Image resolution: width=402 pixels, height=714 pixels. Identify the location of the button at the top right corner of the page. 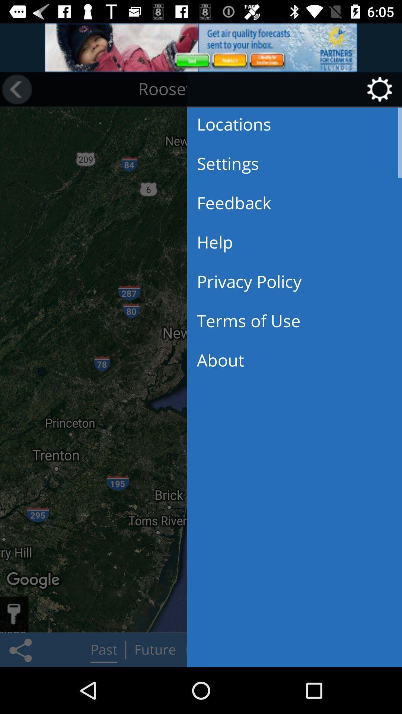
(294, 89).